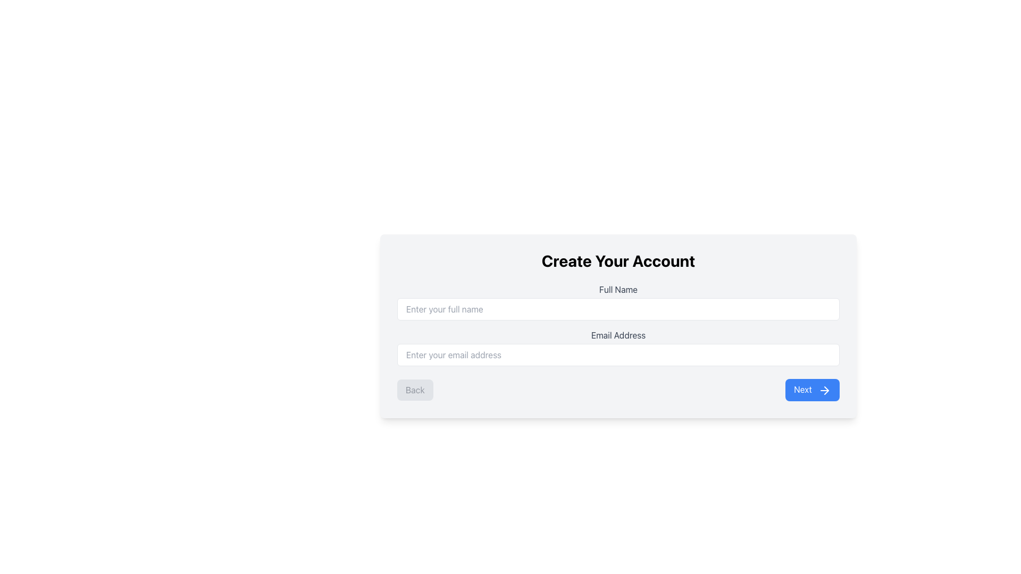 The image size is (1021, 574). Describe the element at coordinates (618, 289) in the screenshot. I see `the static text label that indicates the input field for entering the full name in the form, located above the 'Enter your full name' input field` at that location.